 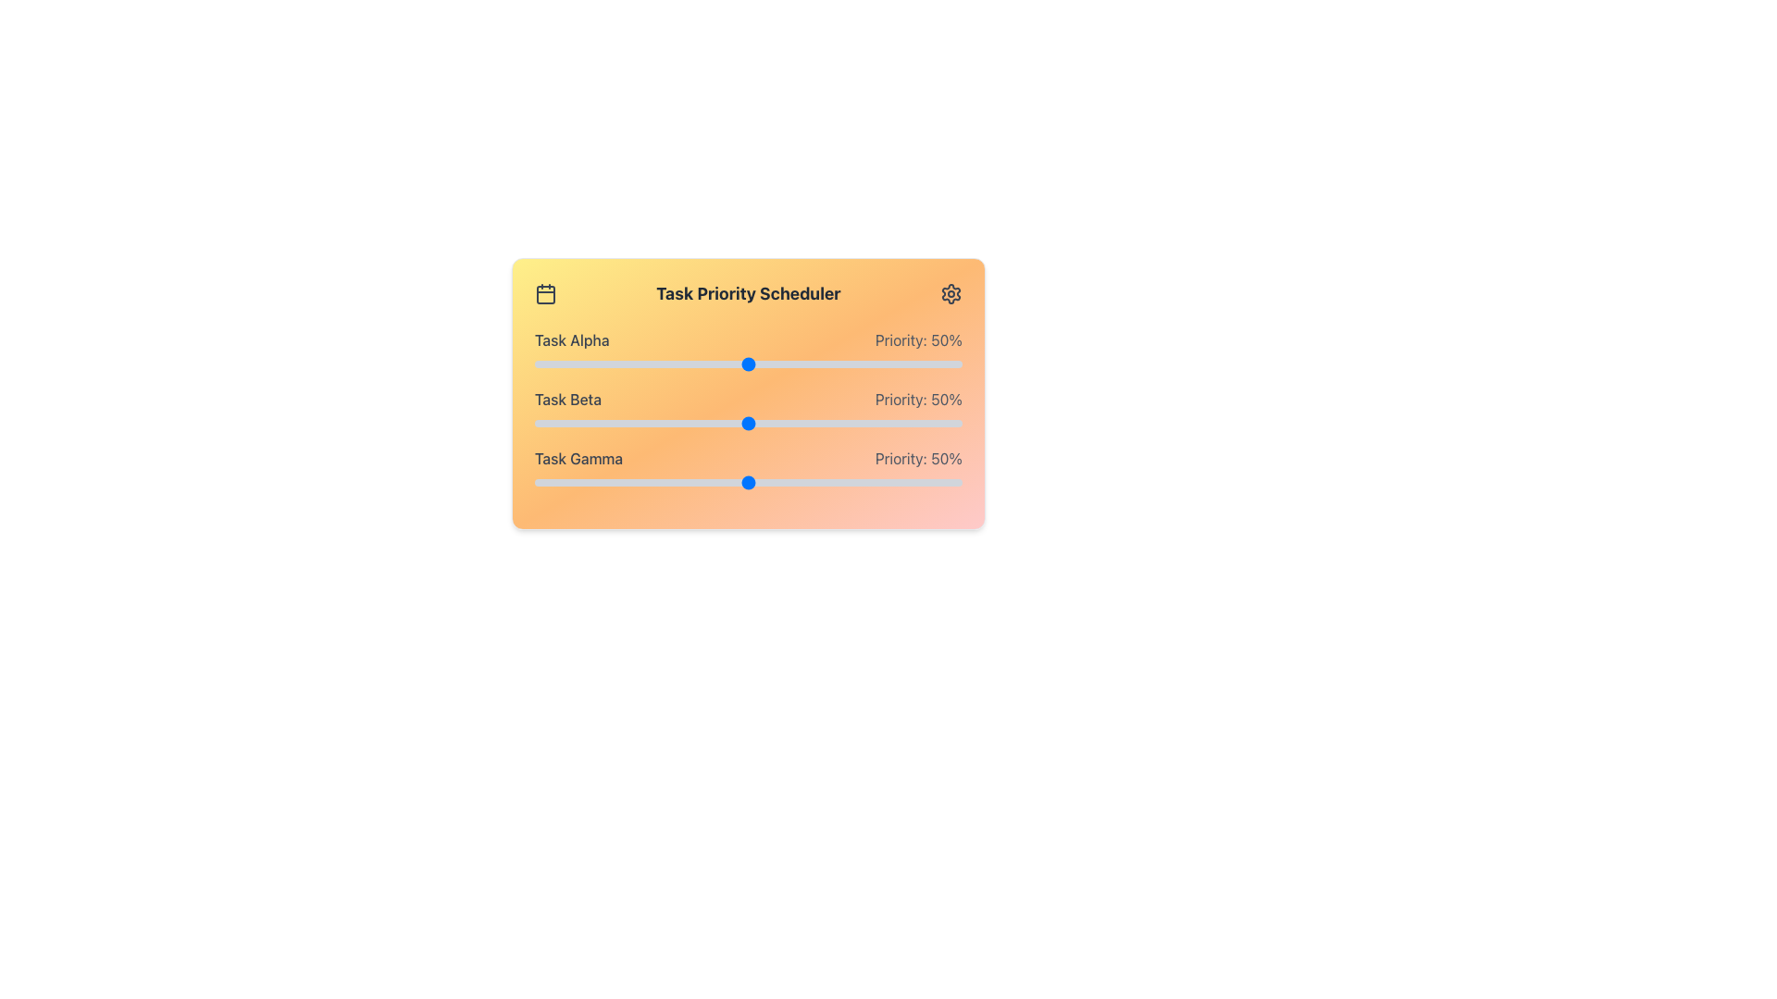 What do you see at coordinates (951, 292) in the screenshot?
I see `the gear-shaped settings icon located` at bounding box center [951, 292].